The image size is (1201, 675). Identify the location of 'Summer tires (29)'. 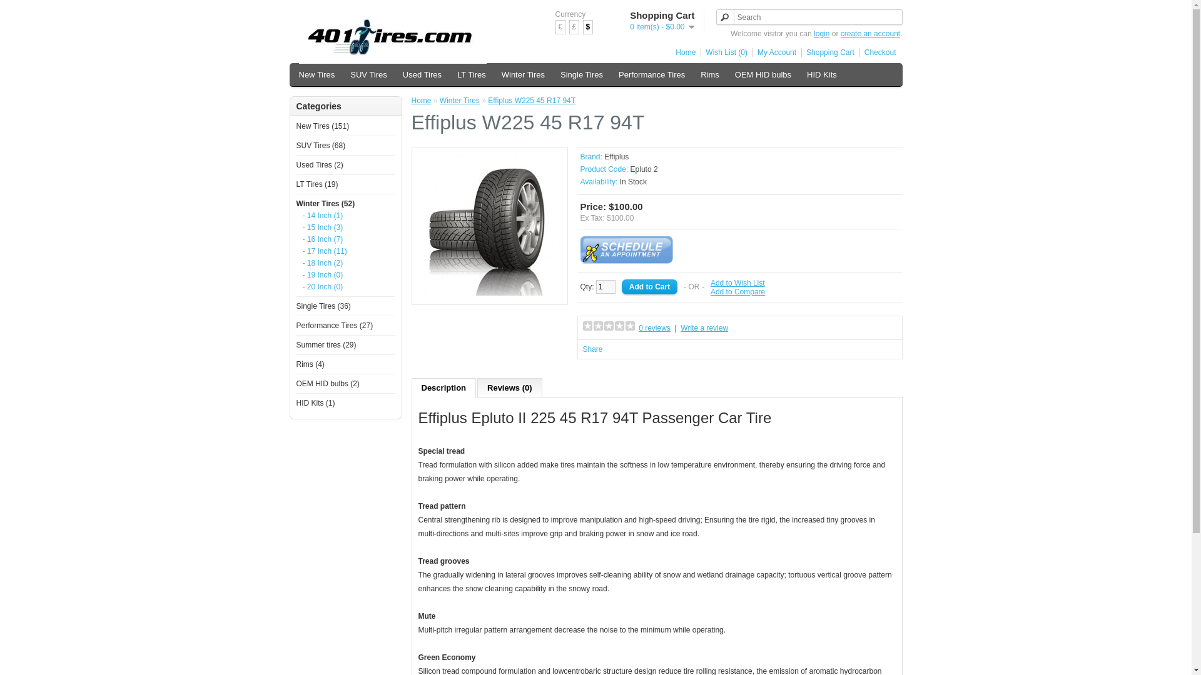
(327, 344).